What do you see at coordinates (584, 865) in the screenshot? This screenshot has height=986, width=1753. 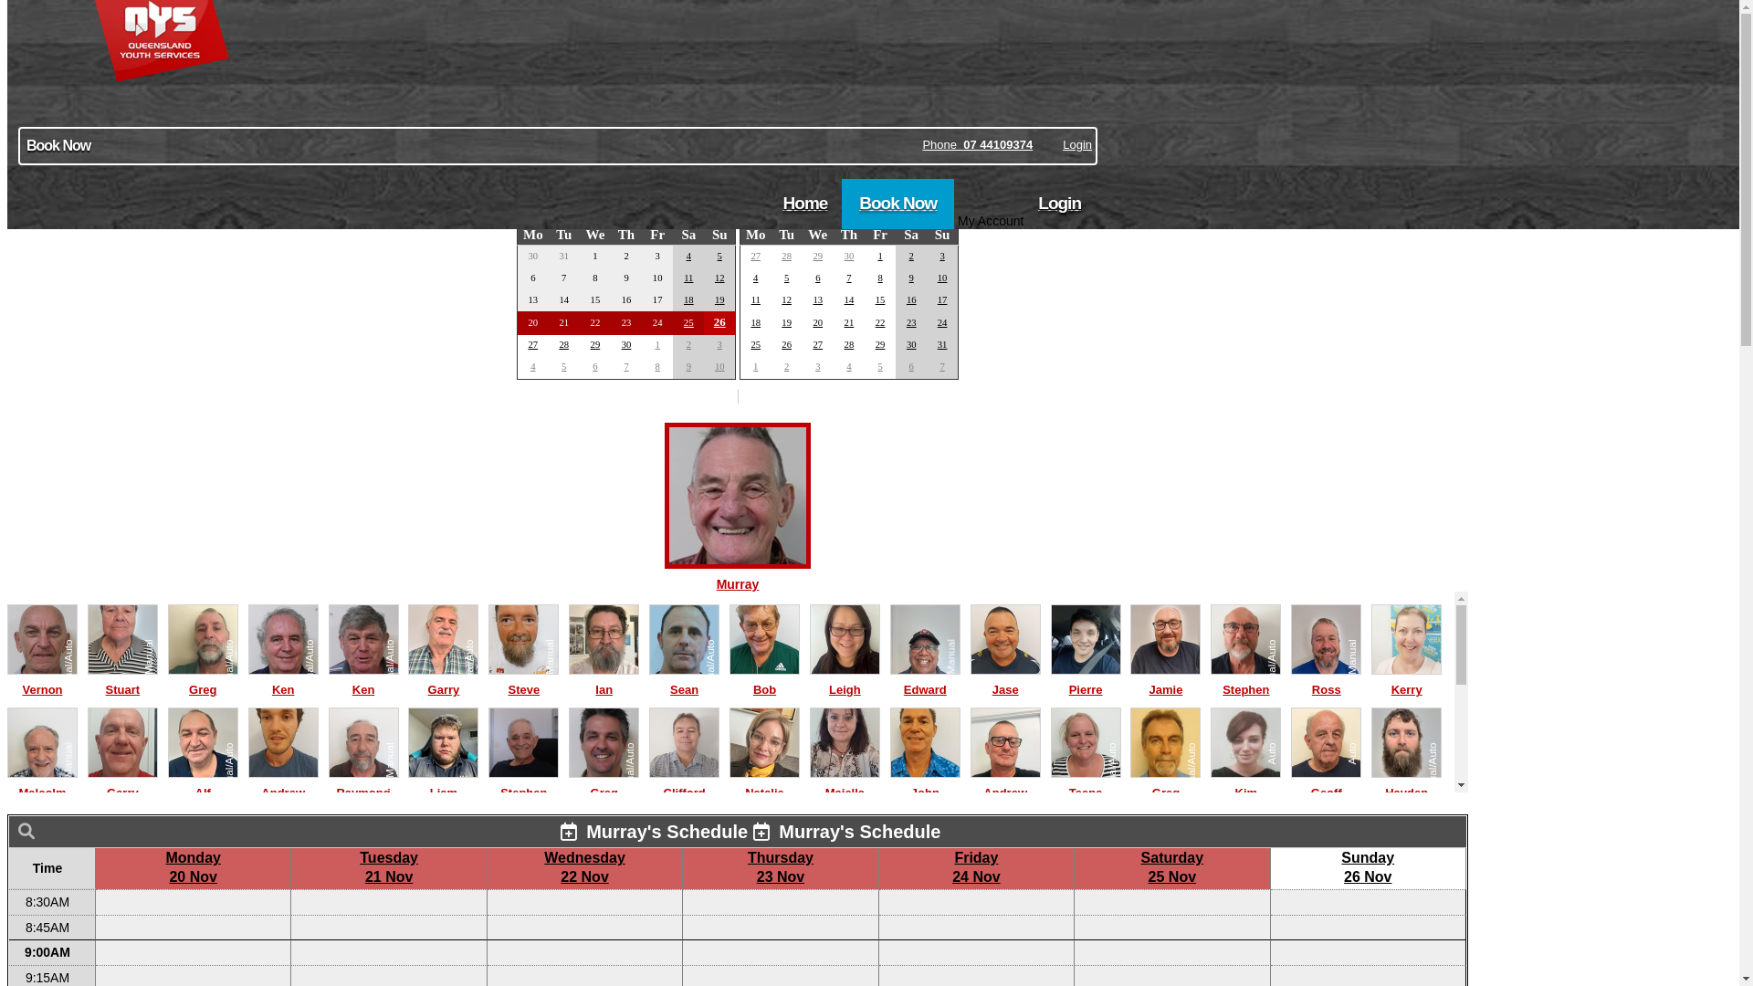 I see `'Wednesday` at bounding box center [584, 865].